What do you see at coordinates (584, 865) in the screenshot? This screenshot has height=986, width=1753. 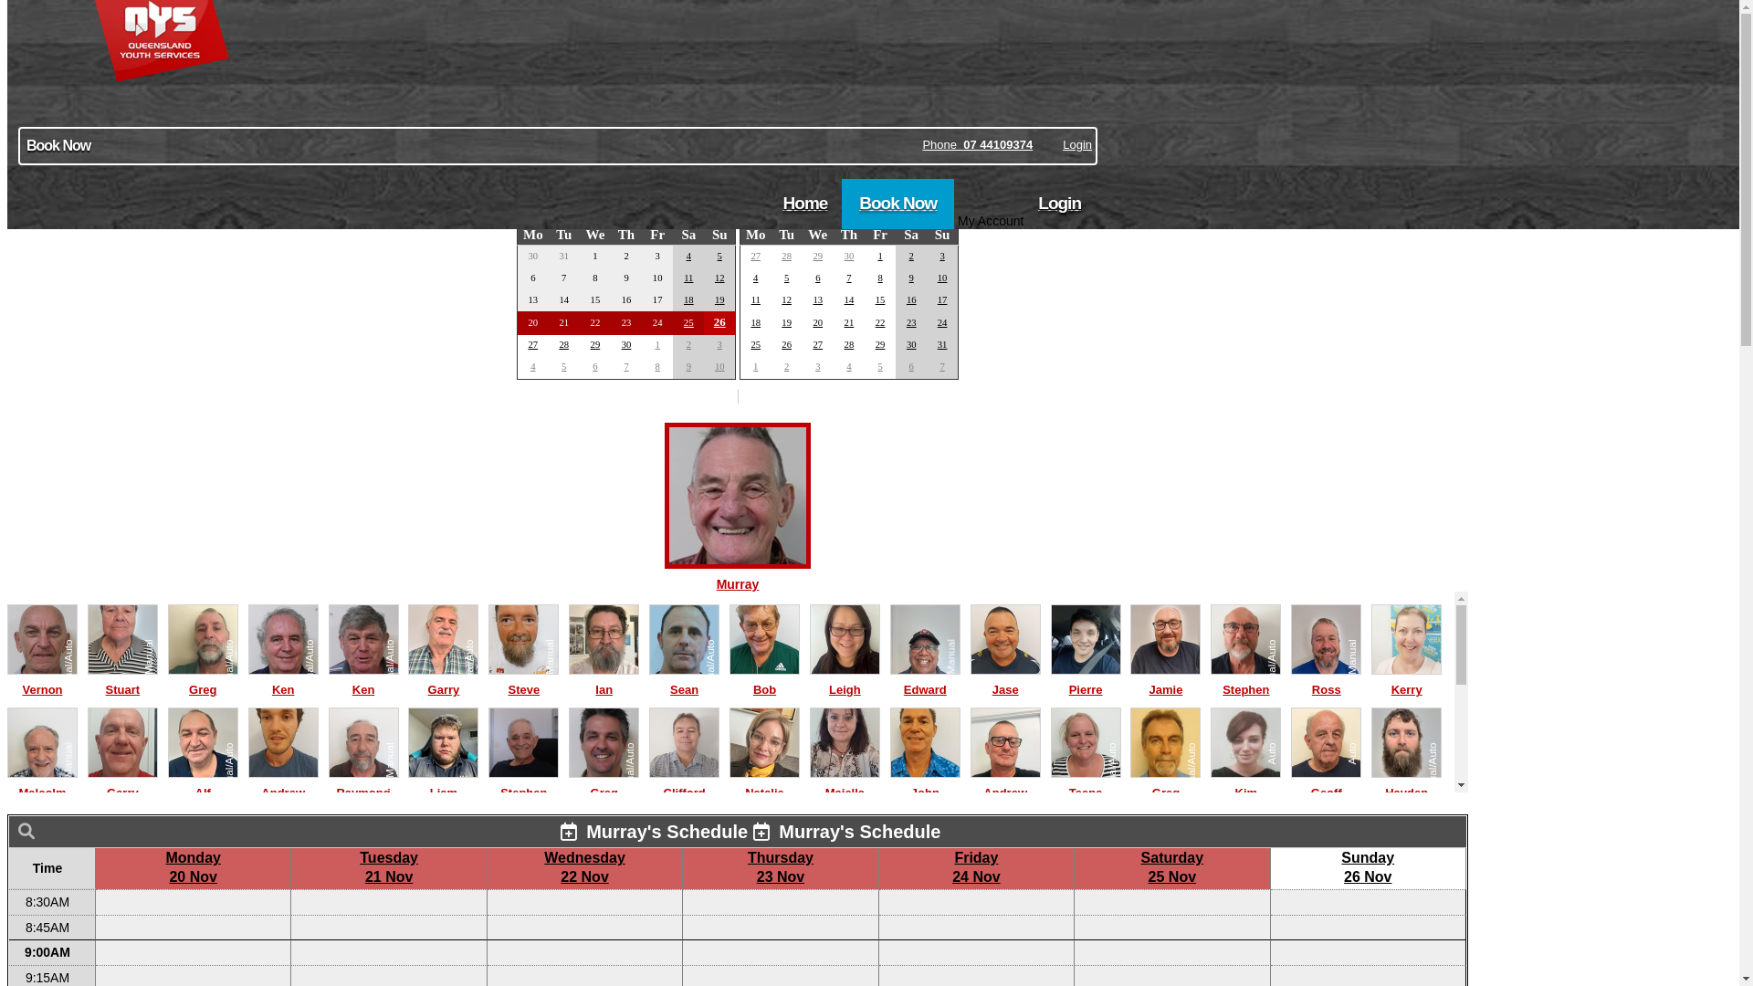 I see `'Wednesday` at bounding box center [584, 865].